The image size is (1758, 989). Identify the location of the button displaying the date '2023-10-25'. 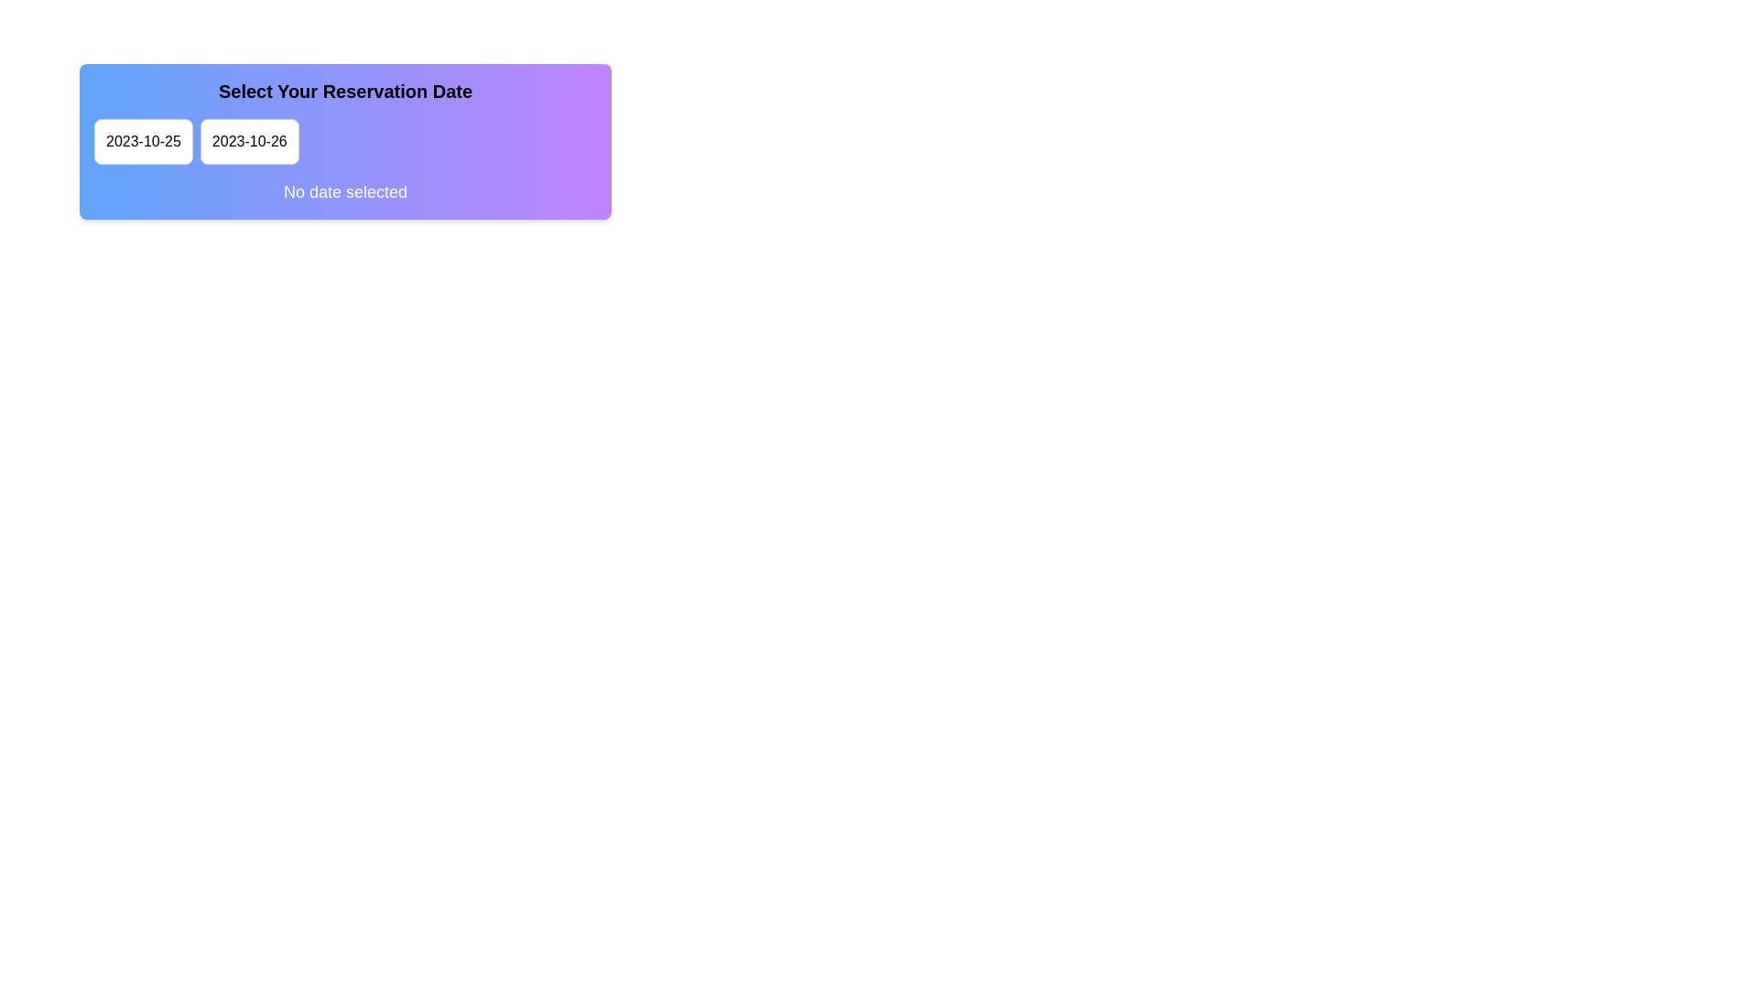
(142, 140).